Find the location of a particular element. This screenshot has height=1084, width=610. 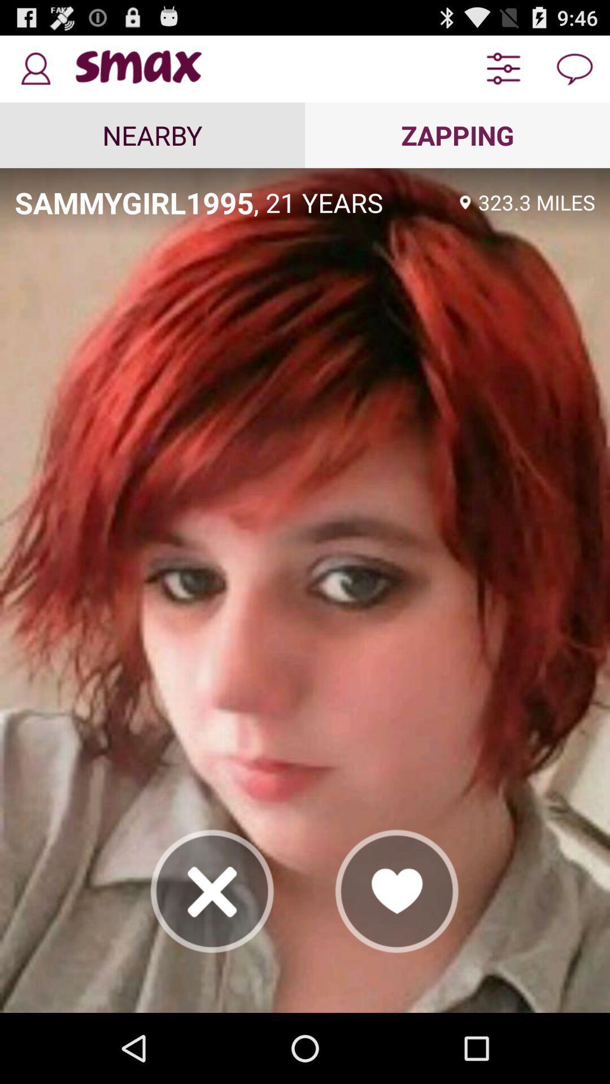

sammygirl1995 item is located at coordinates (133, 202).